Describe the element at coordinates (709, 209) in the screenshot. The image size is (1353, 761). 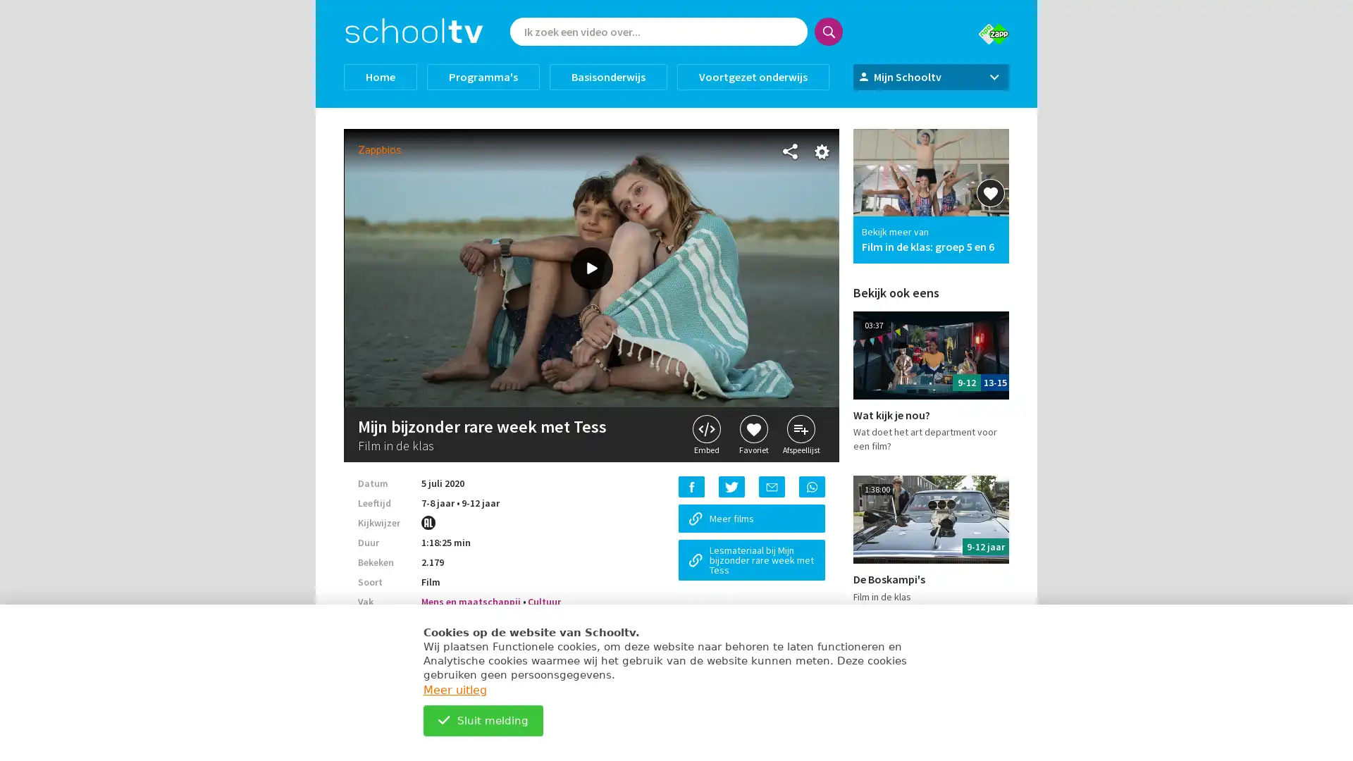
I see `Ja` at that location.